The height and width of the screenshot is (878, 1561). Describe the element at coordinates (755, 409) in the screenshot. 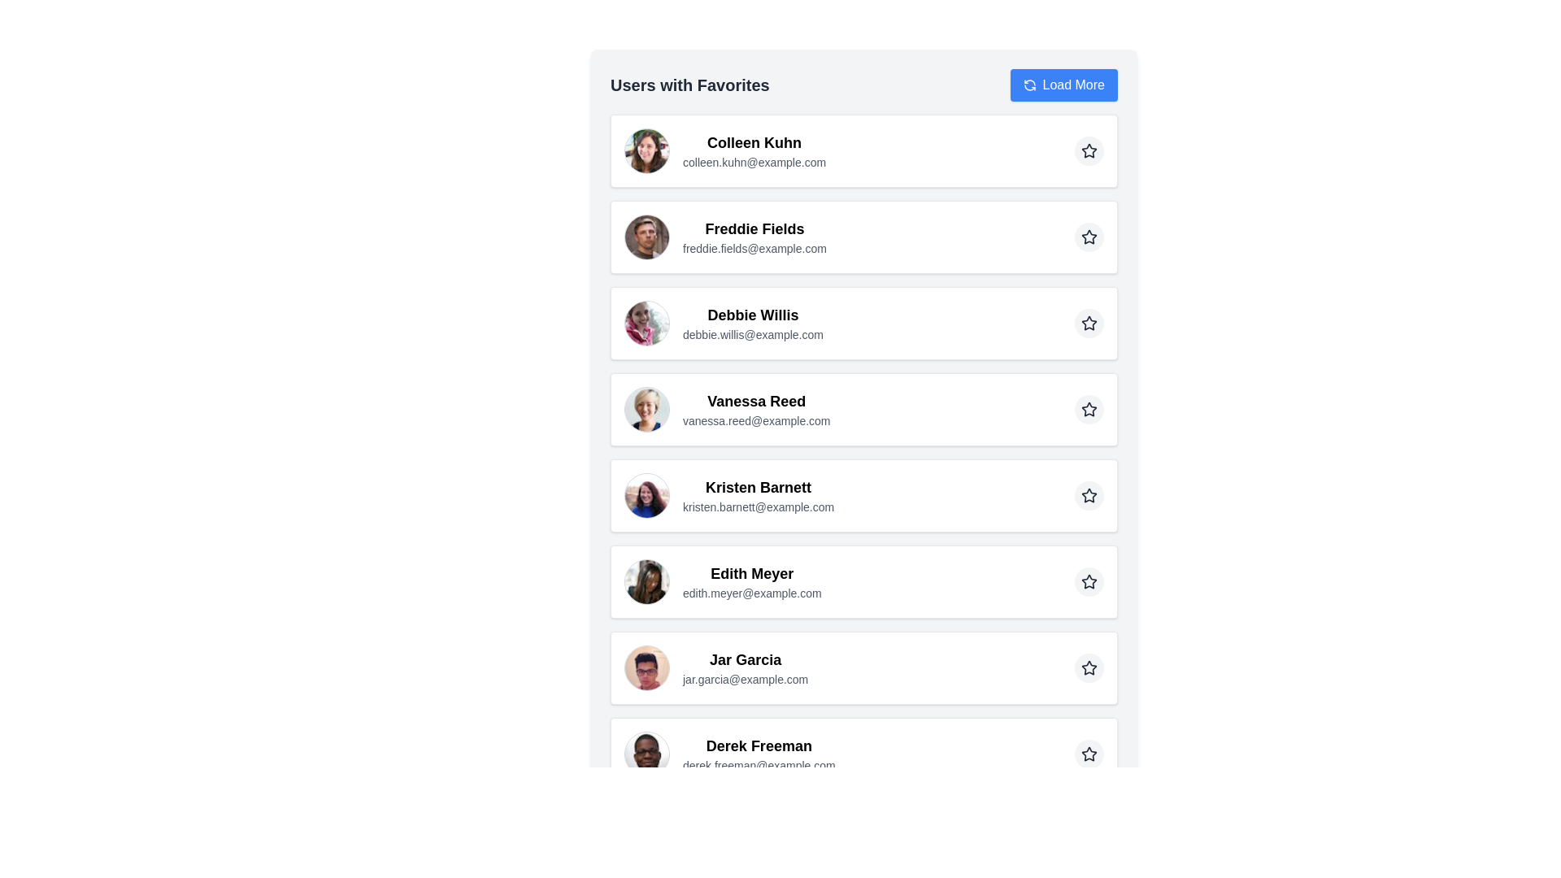

I see `the text block presenting the name and email address of the user in the fourth row of the 'Users with Favorites' list` at that location.